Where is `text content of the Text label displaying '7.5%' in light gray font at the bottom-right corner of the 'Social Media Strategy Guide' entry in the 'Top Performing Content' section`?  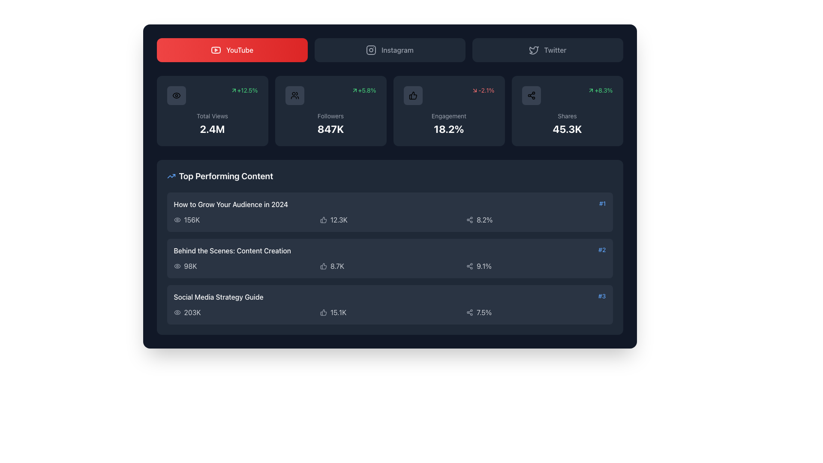 text content of the Text label displaying '7.5%' in light gray font at the bottom-right corner of the 'Social Media Strategy Guide' entry in the 'Top Performing Content' section is located at coordinates (484, 313).